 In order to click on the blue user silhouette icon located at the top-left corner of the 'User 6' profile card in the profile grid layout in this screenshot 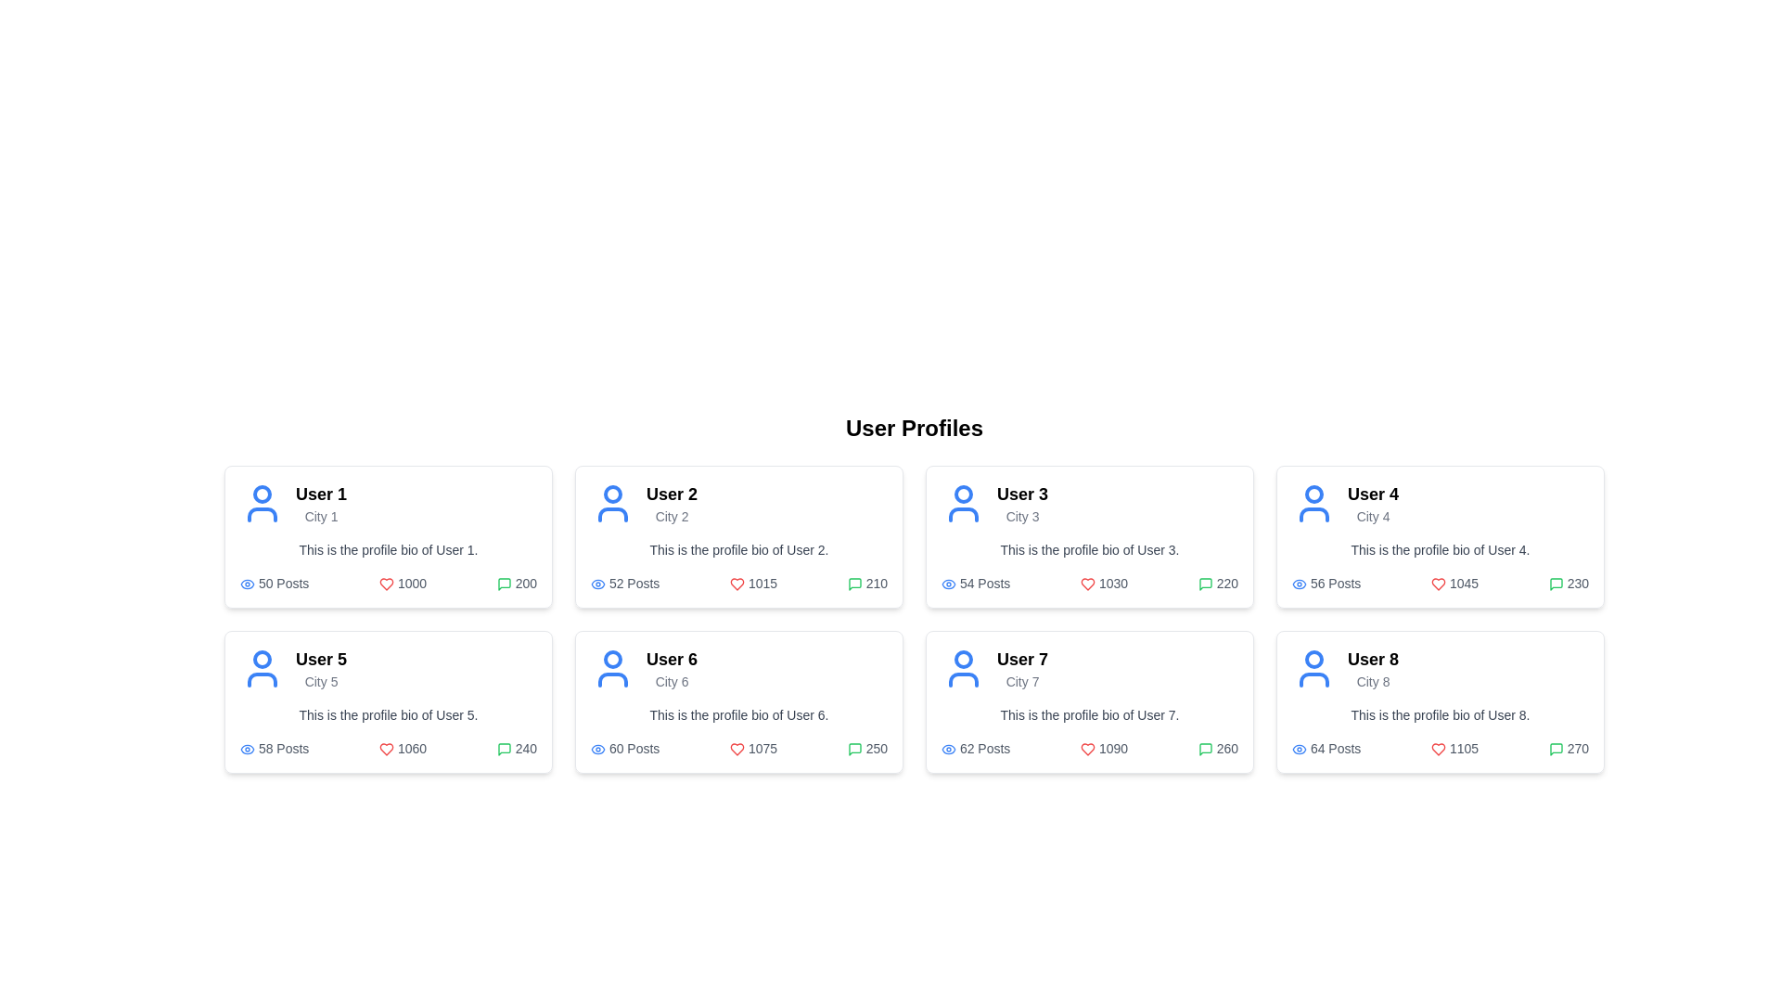, I will do `click(613, 669)`.